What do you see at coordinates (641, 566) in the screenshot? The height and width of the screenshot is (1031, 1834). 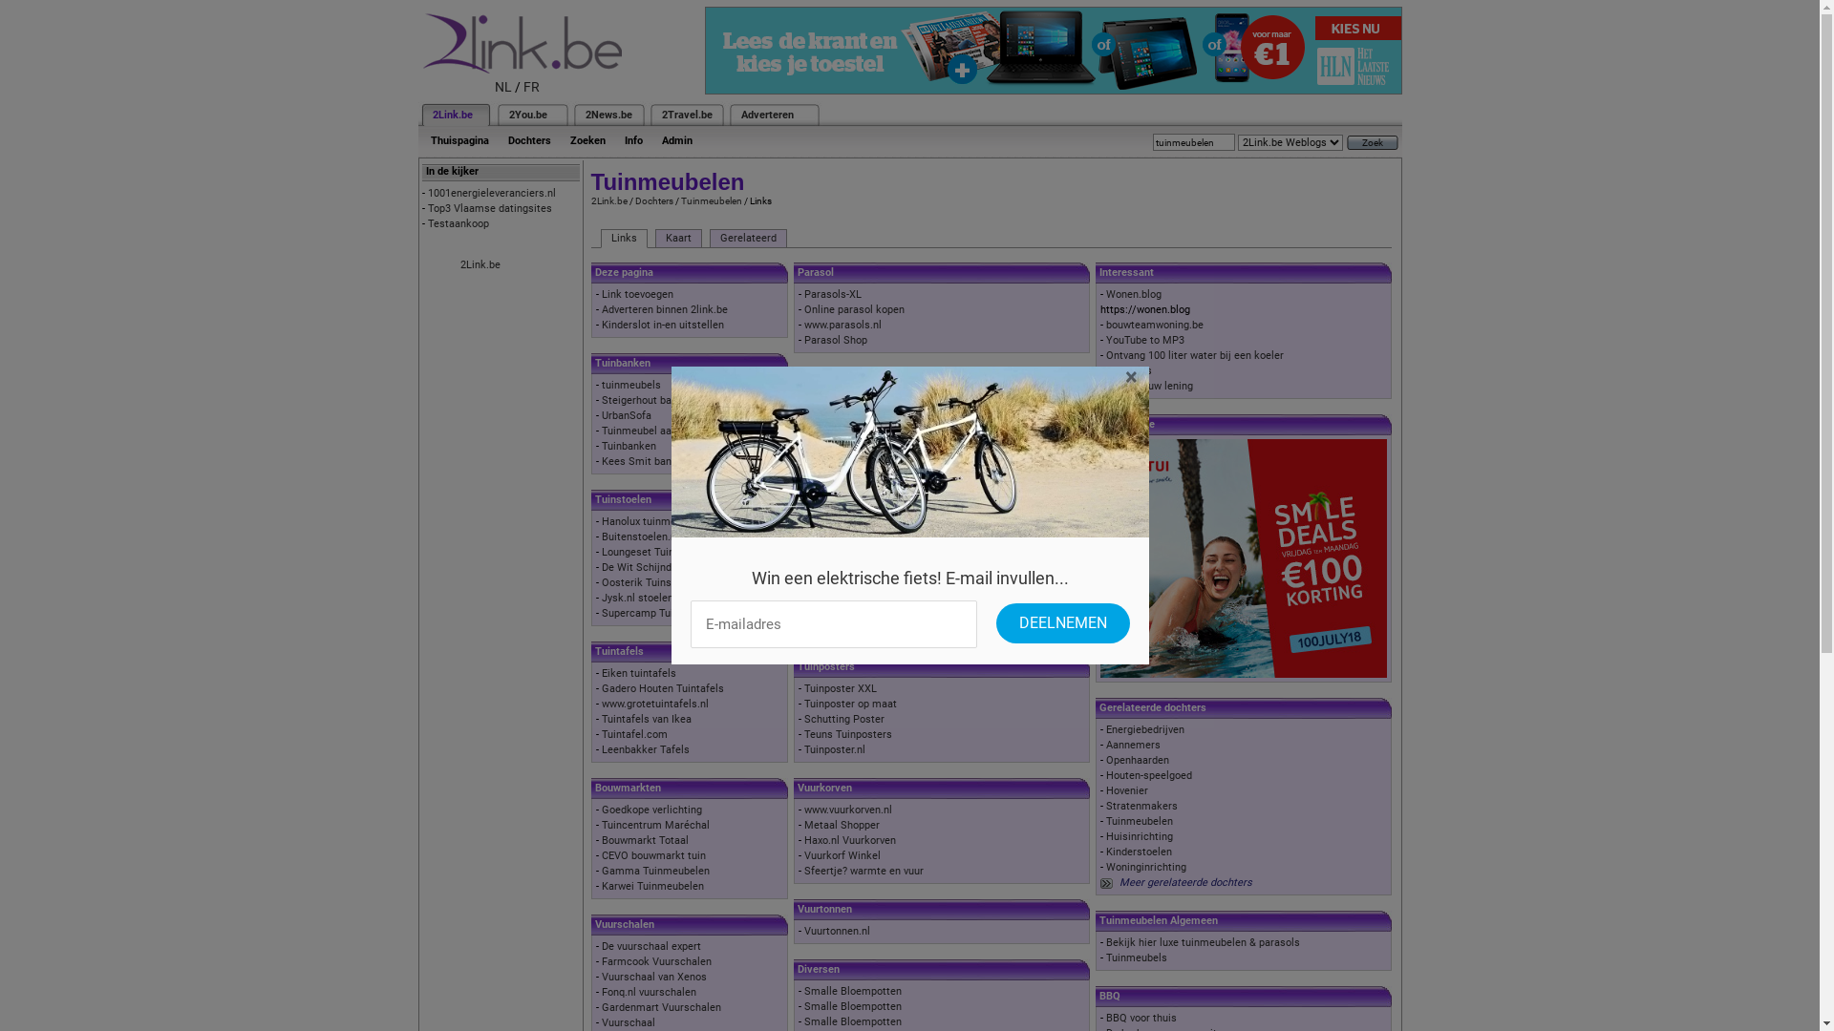 I see `'De Wit Schijndel'` at bounding box center [641, 566].